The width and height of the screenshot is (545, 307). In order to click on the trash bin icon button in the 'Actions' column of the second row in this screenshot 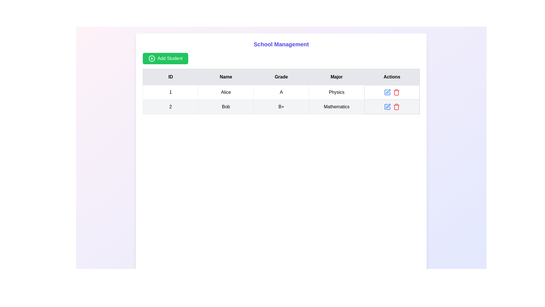, I will do `click(396, 107)`.